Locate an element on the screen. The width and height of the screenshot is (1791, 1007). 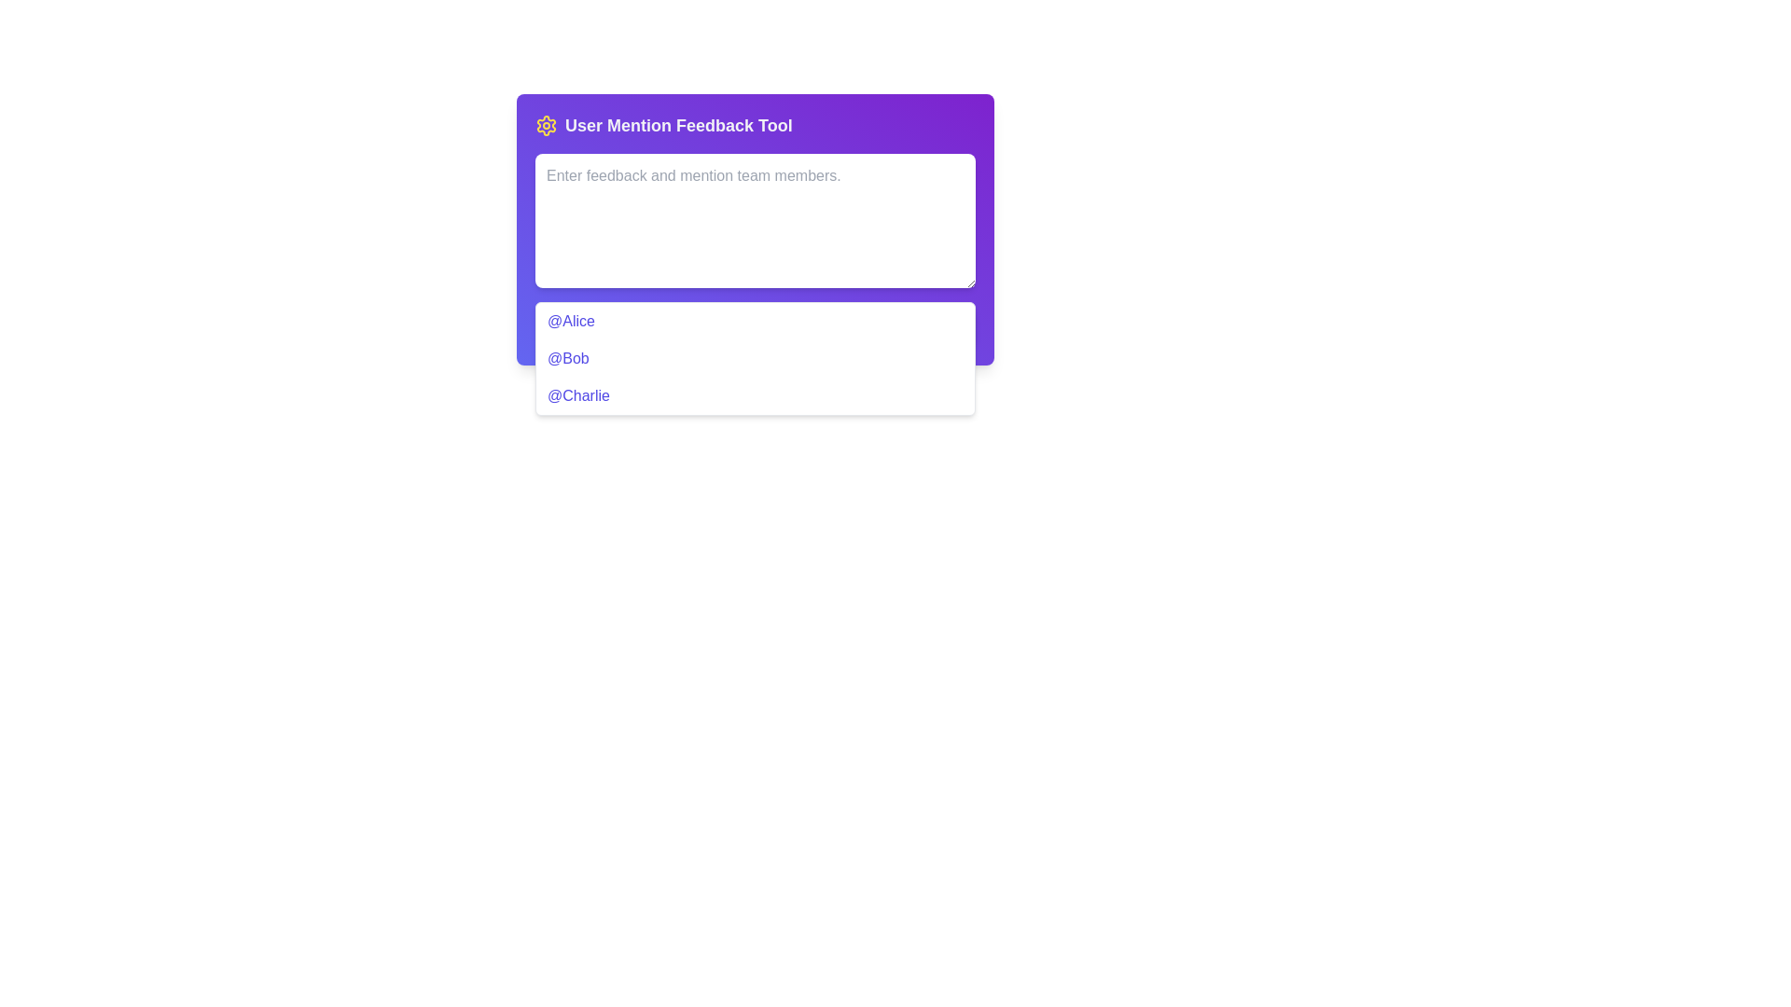
the header titled 'User Mention Feedback Tool' which has a bold typeface on a purple gradient background and a yellow settings icon to the left of the text is located at coordinates (756, 126).